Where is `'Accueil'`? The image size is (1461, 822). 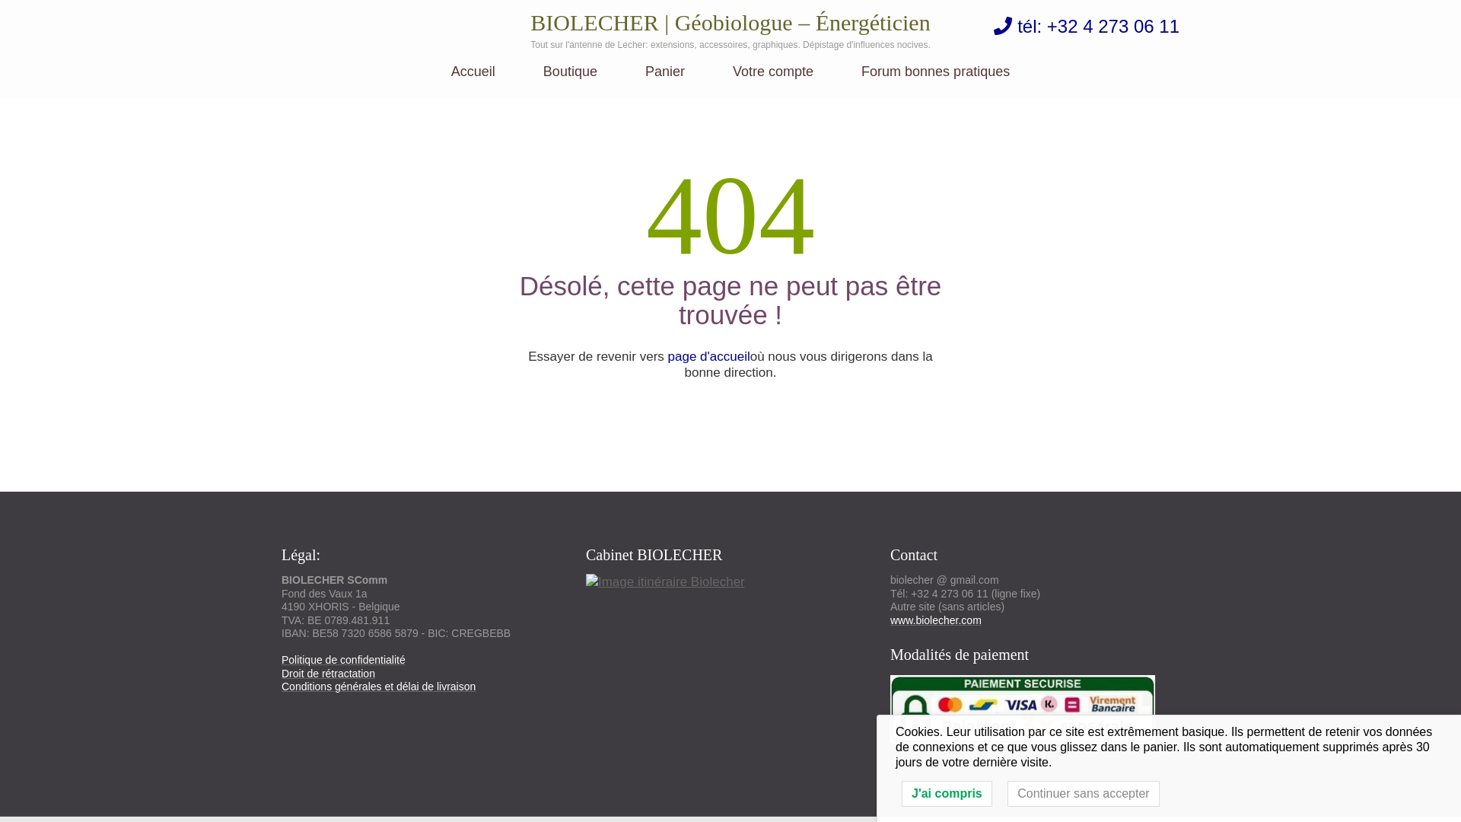
'Accueil' is located at coordinates (450, 81).